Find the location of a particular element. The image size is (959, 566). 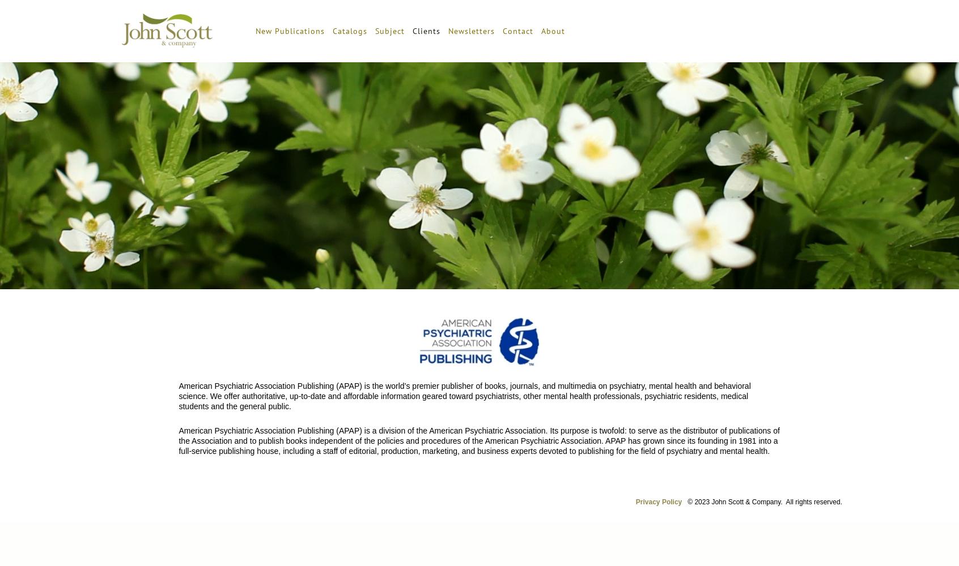

'New Publications' is located at coordinates (289, 31).